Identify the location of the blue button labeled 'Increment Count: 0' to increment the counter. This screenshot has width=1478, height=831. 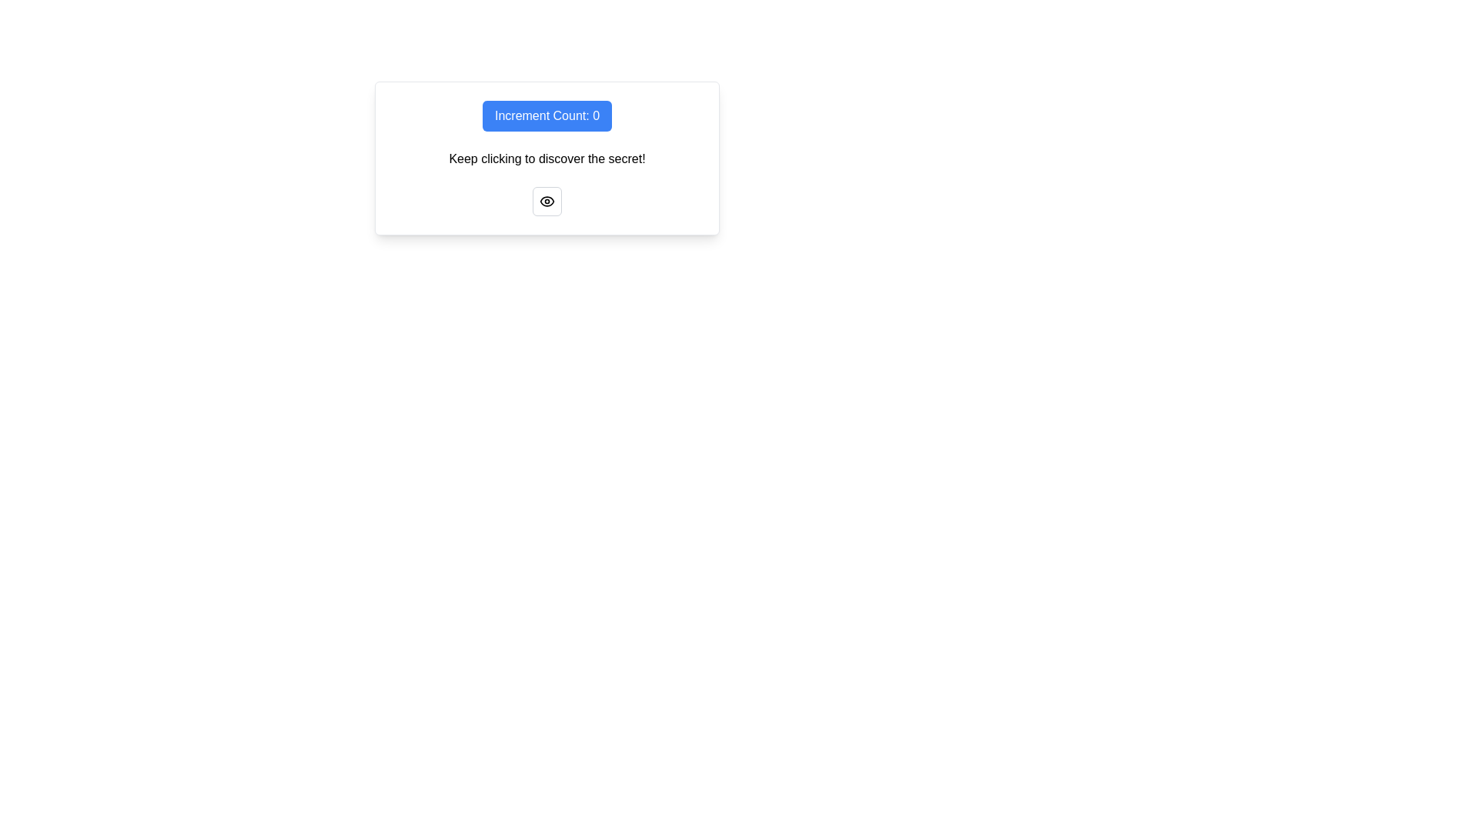
(547, 115).